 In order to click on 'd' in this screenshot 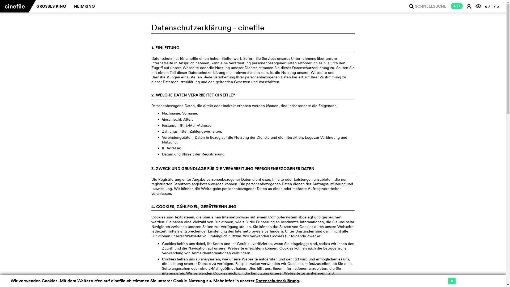, I will do `click(486, 6)`.